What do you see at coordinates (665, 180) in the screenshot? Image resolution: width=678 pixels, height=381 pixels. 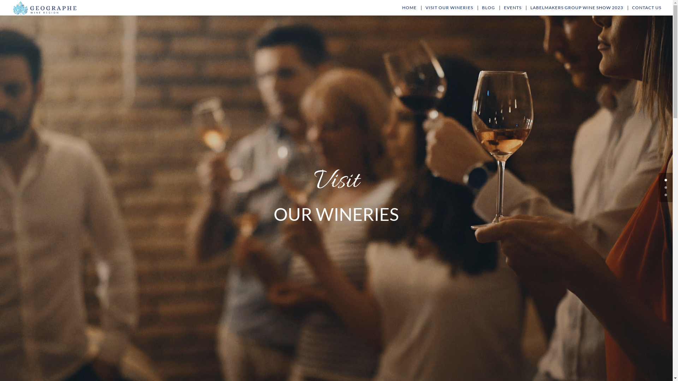 I see `'0'` at bounding box center [665, 180].